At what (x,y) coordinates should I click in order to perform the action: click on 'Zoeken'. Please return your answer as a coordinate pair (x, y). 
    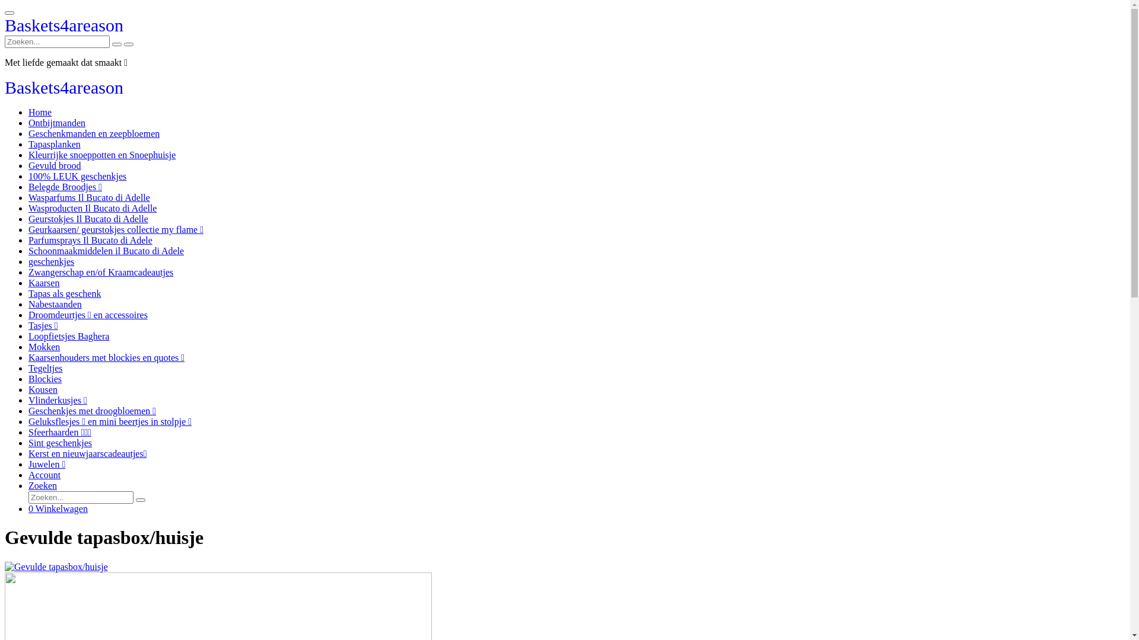
    Looking at the image, I should click on (43, 485).